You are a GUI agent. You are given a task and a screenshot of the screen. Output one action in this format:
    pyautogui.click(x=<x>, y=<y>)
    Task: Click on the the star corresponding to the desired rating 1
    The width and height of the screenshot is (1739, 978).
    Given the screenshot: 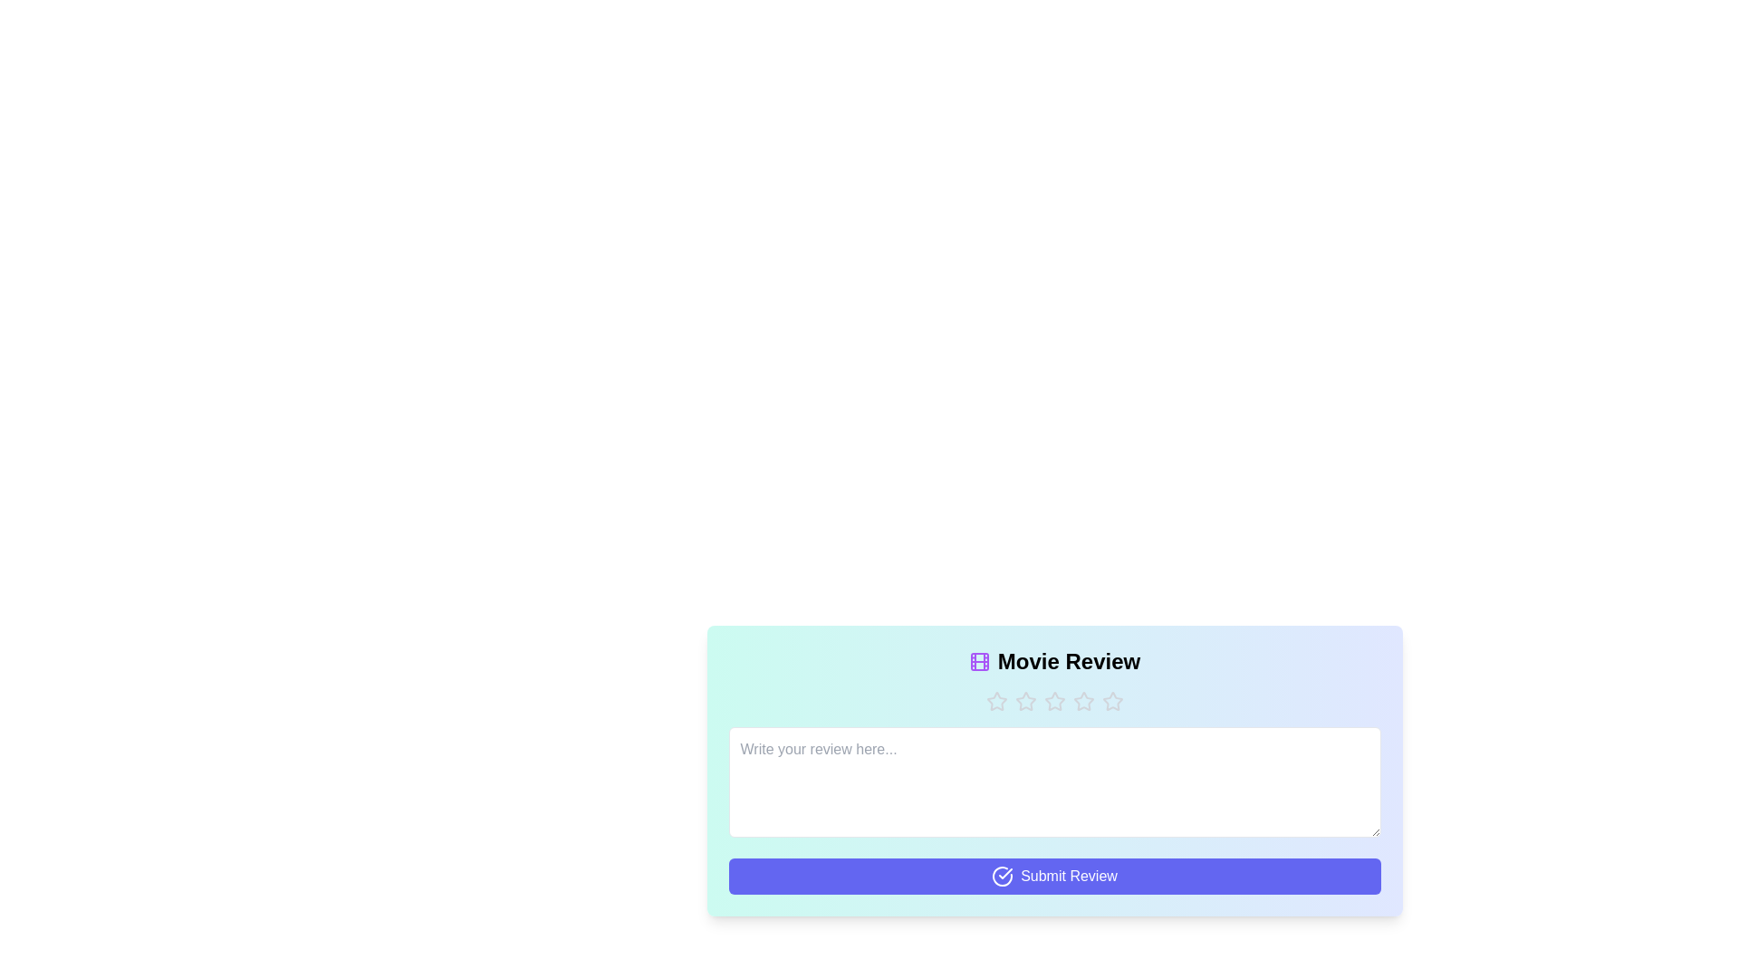 What is the action you would take?
    pyautogui.click(x=995, y=701)
    